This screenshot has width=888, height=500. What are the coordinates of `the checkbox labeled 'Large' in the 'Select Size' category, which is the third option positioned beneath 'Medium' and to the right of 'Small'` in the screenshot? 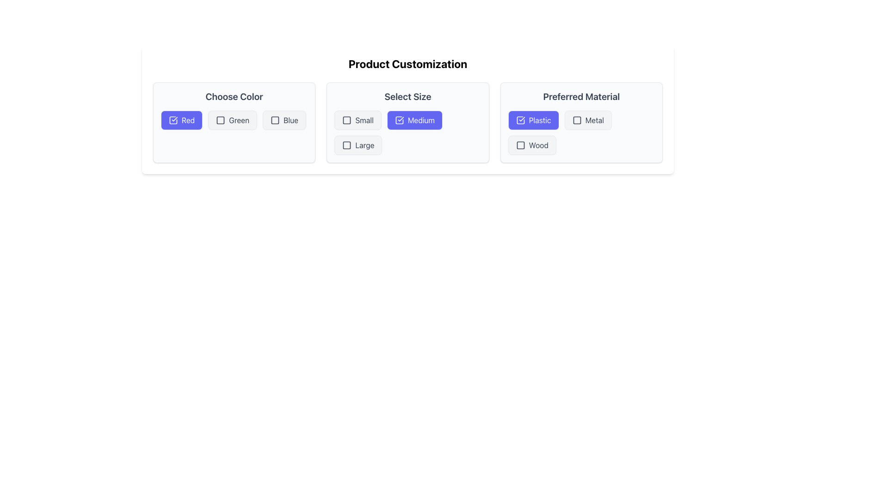 It's located at (358, 145).